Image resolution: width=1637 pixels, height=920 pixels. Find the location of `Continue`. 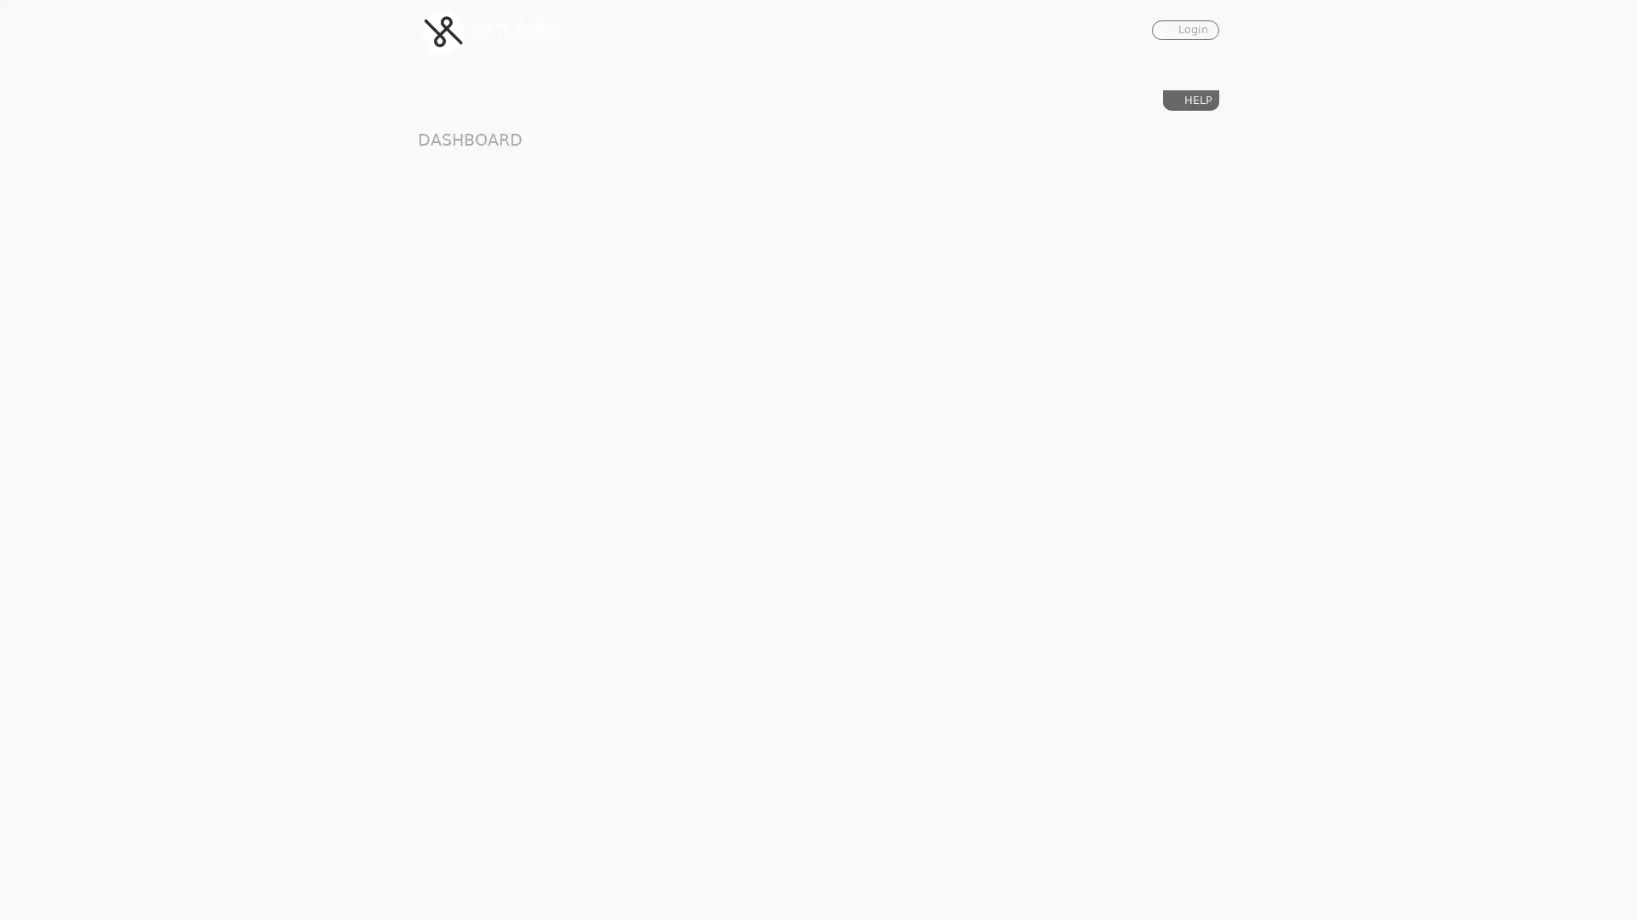

Continue is located at coordinates (692, 334).